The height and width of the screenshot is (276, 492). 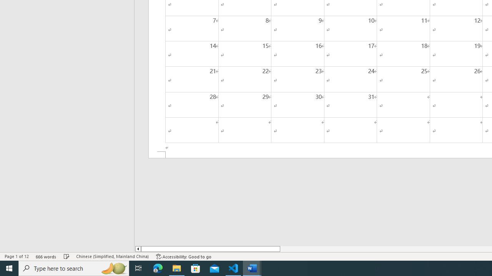 What do you see at coordinates (17, 256) in the screenshot?
I see `'Page Number Page 1 of 12'` at bounding box center [17, 256].